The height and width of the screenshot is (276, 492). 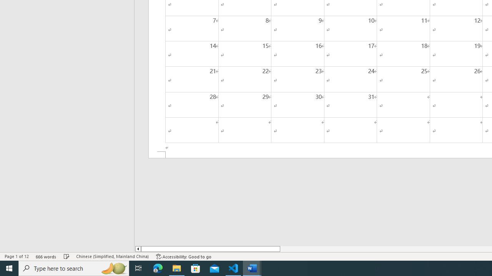 What do you see at coordinates (17, 256) in the screenshot?
I see `'Page Number Page 1 of 12'` at bounding box center [17, 256].